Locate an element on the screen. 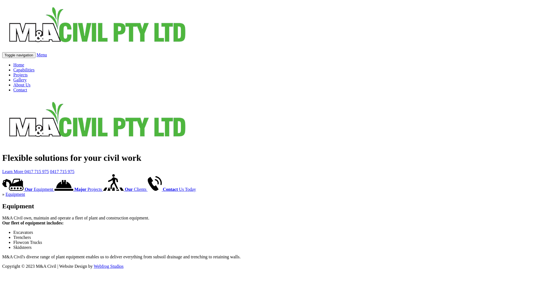  '0417 715 975' is located at coordinates (24, 171).